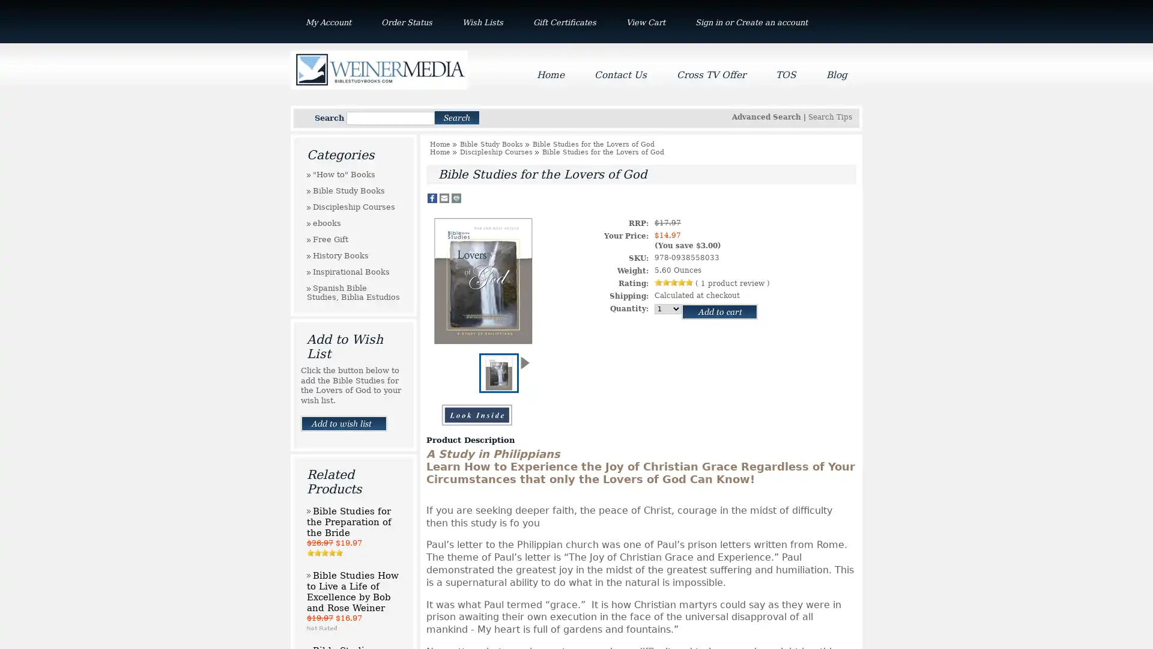 The width and height of the screenshot is (1153, 649). I want to click on Add to Wish List, so click(343, 422).